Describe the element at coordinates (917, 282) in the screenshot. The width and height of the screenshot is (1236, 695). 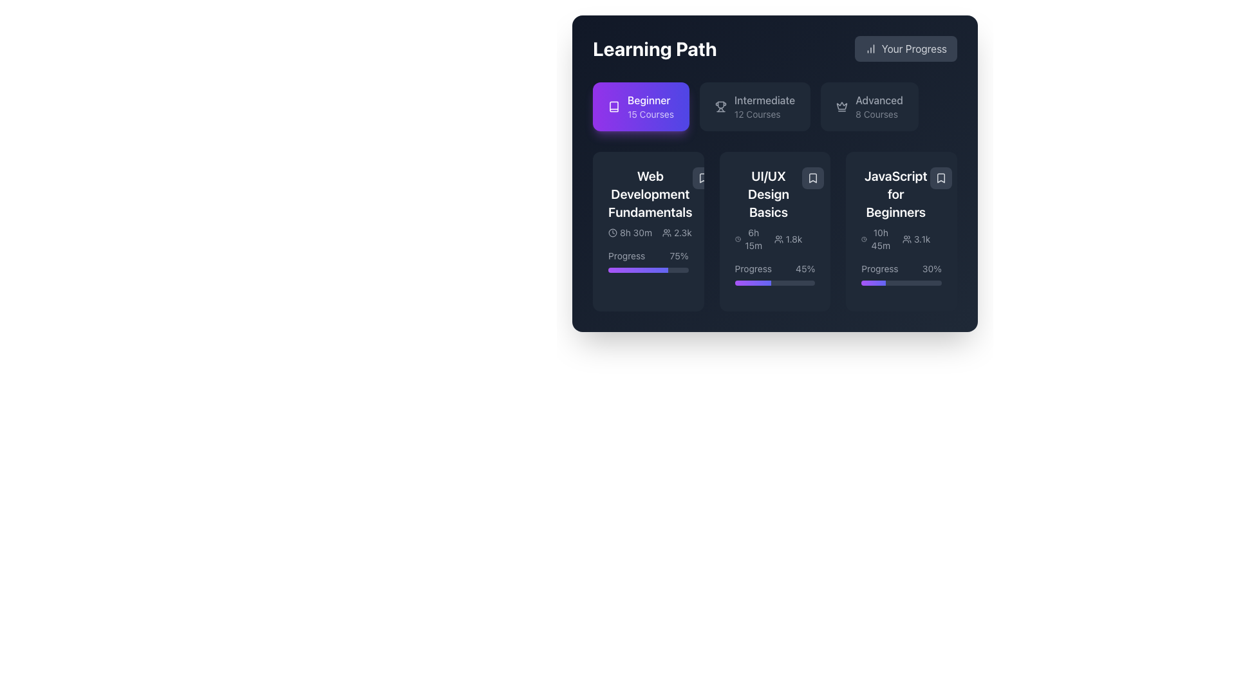
I see `the progress value` at that location.